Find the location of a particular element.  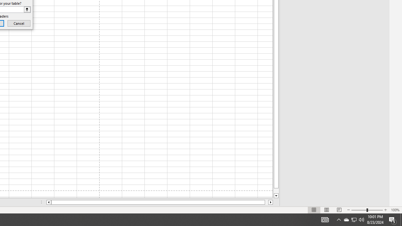

'Page right' is located at coordinates (266, 202).